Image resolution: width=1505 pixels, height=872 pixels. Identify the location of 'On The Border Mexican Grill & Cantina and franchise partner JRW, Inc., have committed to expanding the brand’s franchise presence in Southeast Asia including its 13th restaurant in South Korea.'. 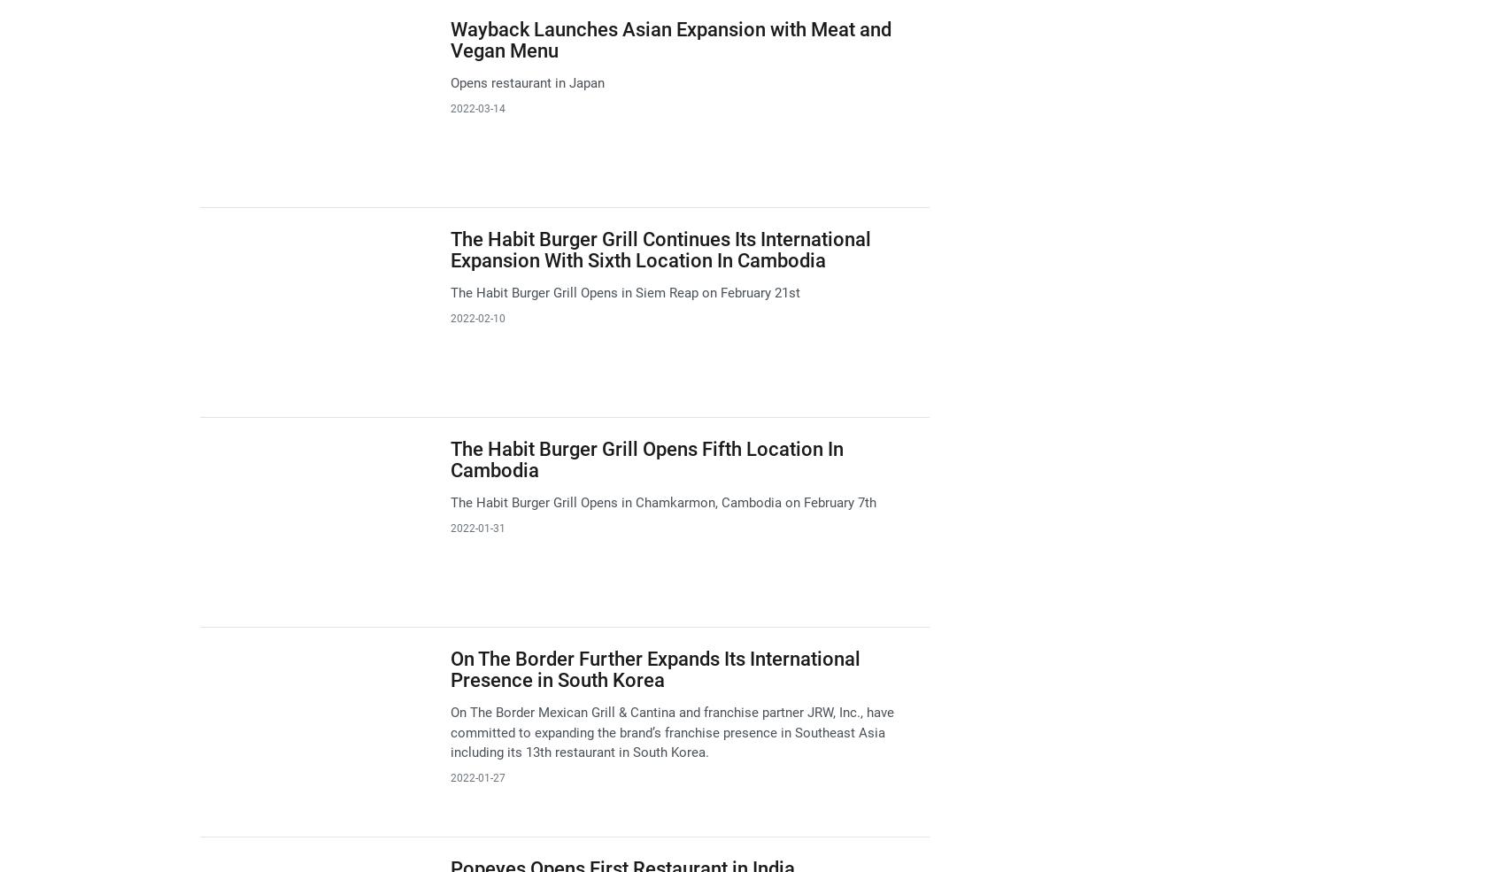
(670, 731).